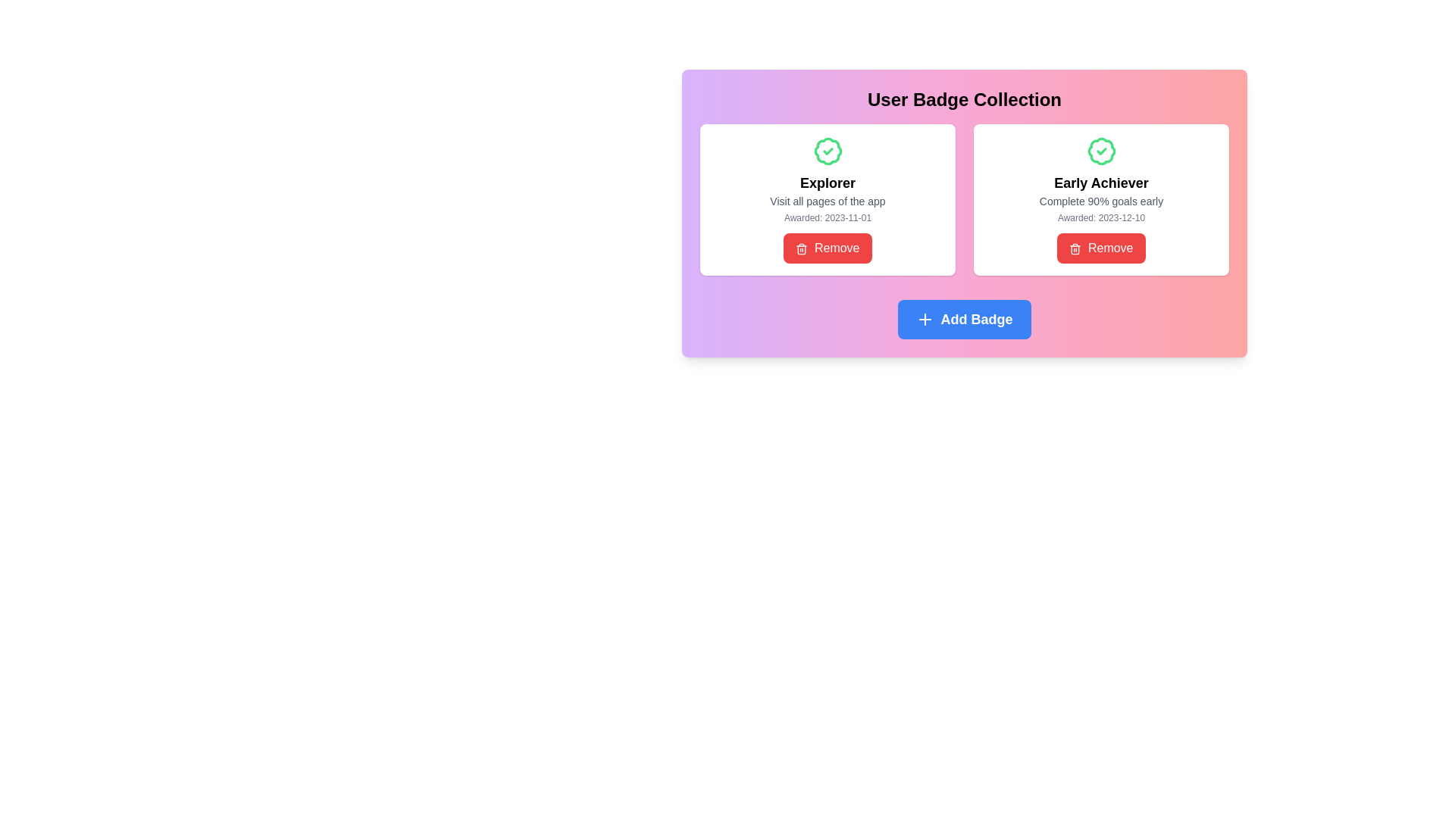  Describe the element at coordinates (827, 151) in the screenshot. I see `the Explorer award icon located at the top center of the card within the User Badge Collection section` at that location.